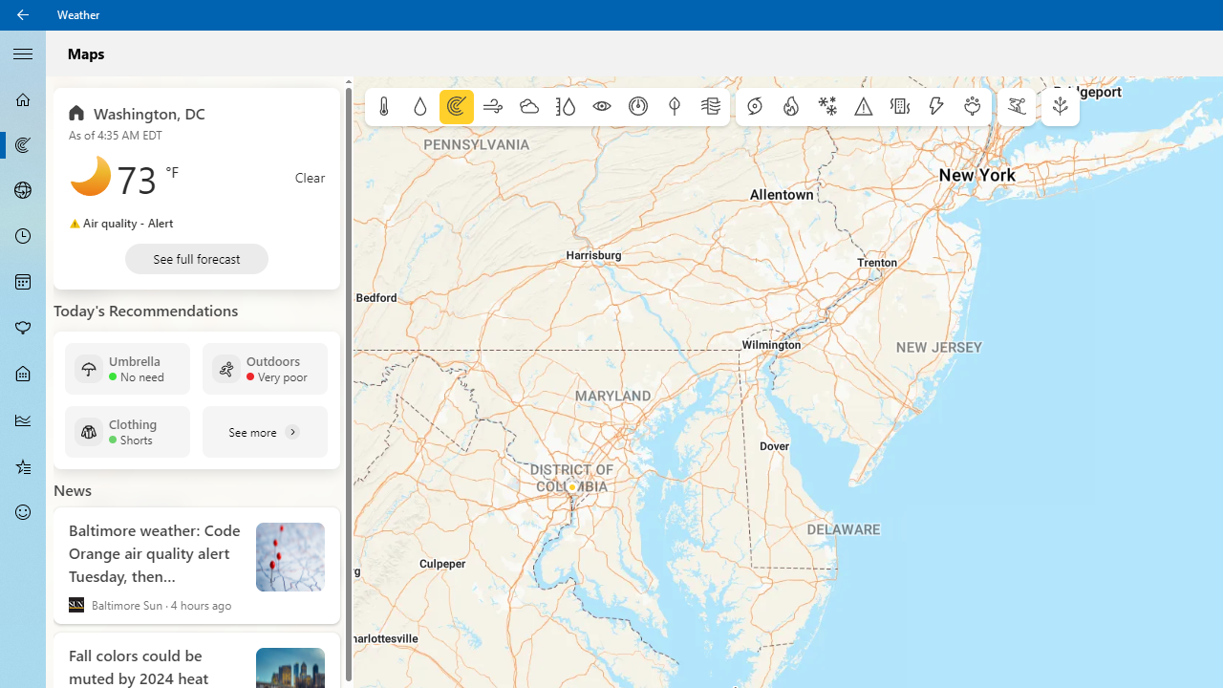 The image size is (1223, 688). What do you see at coordinates (23, 375) in the screenshot?
I see `'Life - Not Selected'` at bounding box center [23, 375].